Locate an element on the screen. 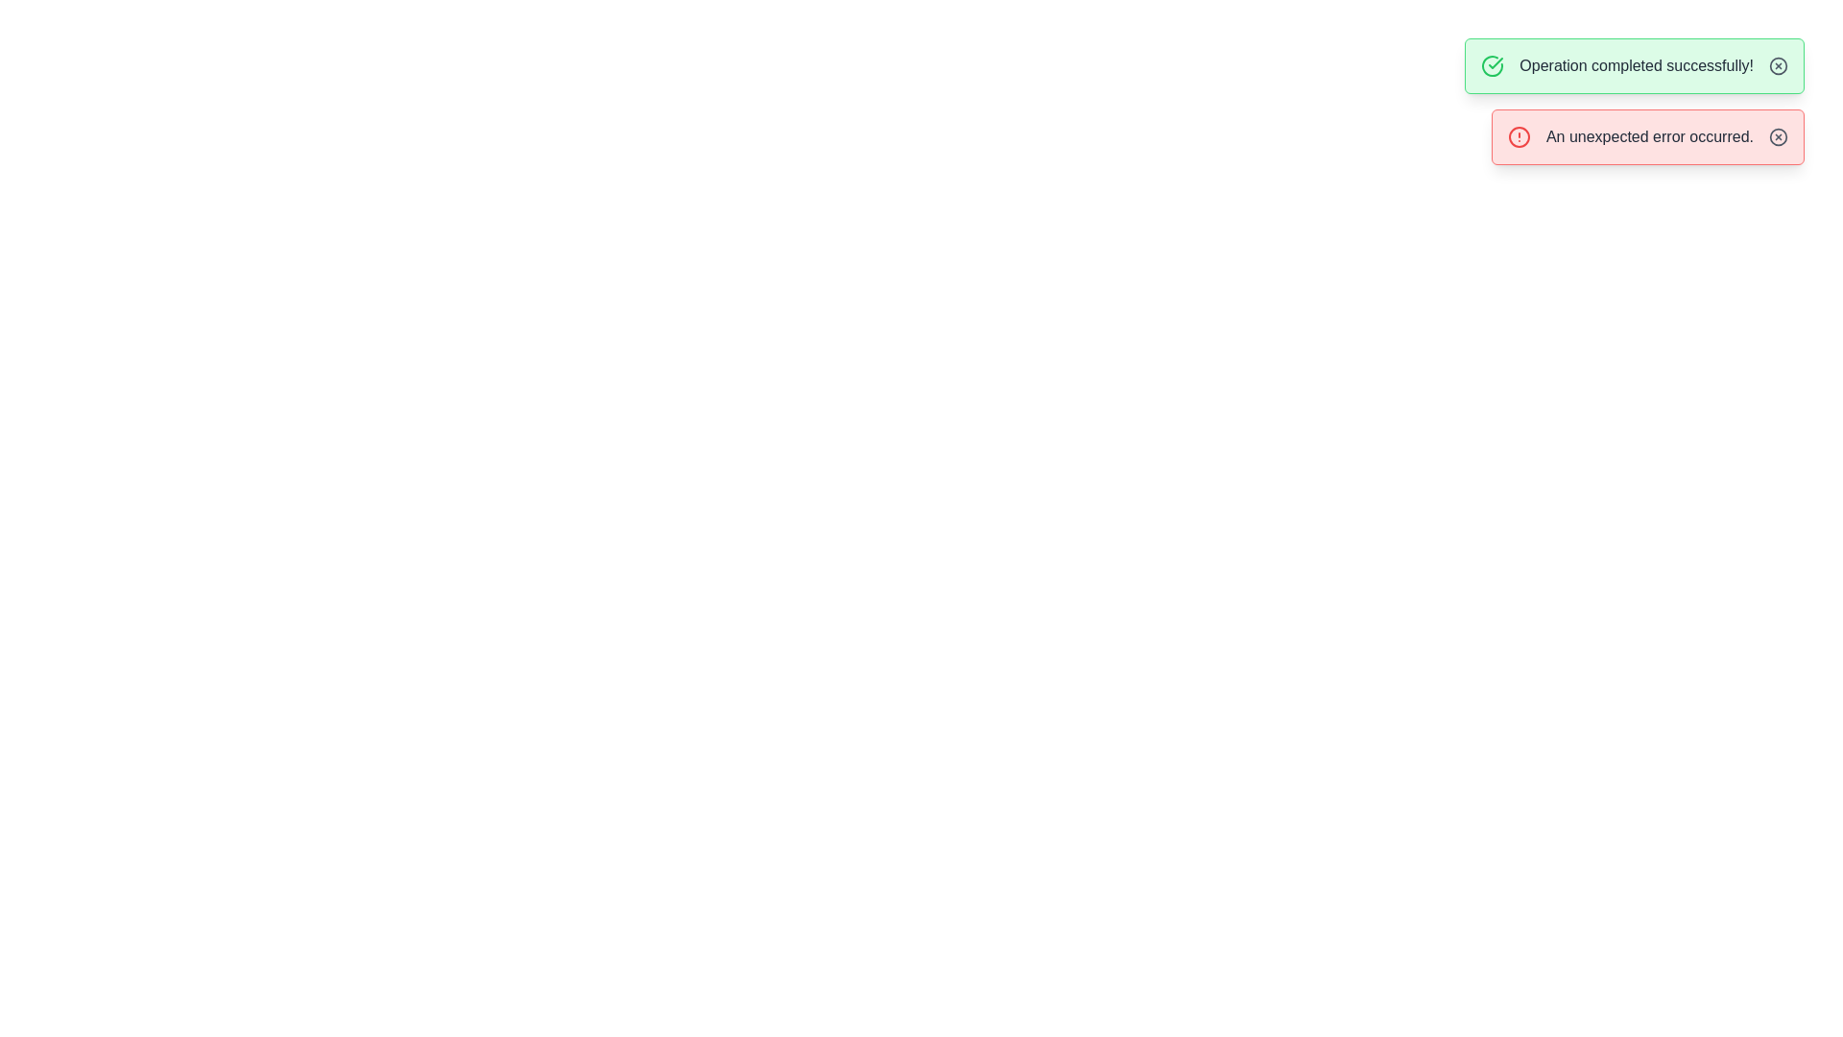  the red circular button with an 'x' symbol inside, located within the notification box that states 'An unexpected error occurred.' is located at coordinates (1777, 135).